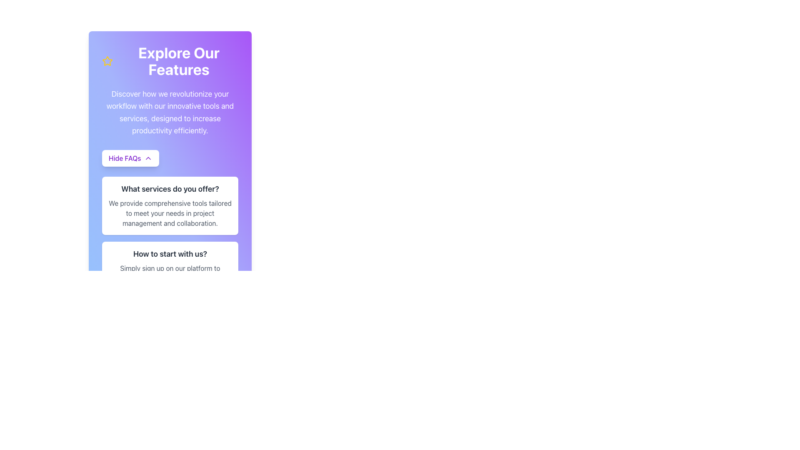 This screenshot has height=450, width=800. Describe the element at coordinates (170, 213) in the screenshot. I see `the Text block that provides details about project management and collaboration tools, located below the title 'What services do you offer?'` at that location.